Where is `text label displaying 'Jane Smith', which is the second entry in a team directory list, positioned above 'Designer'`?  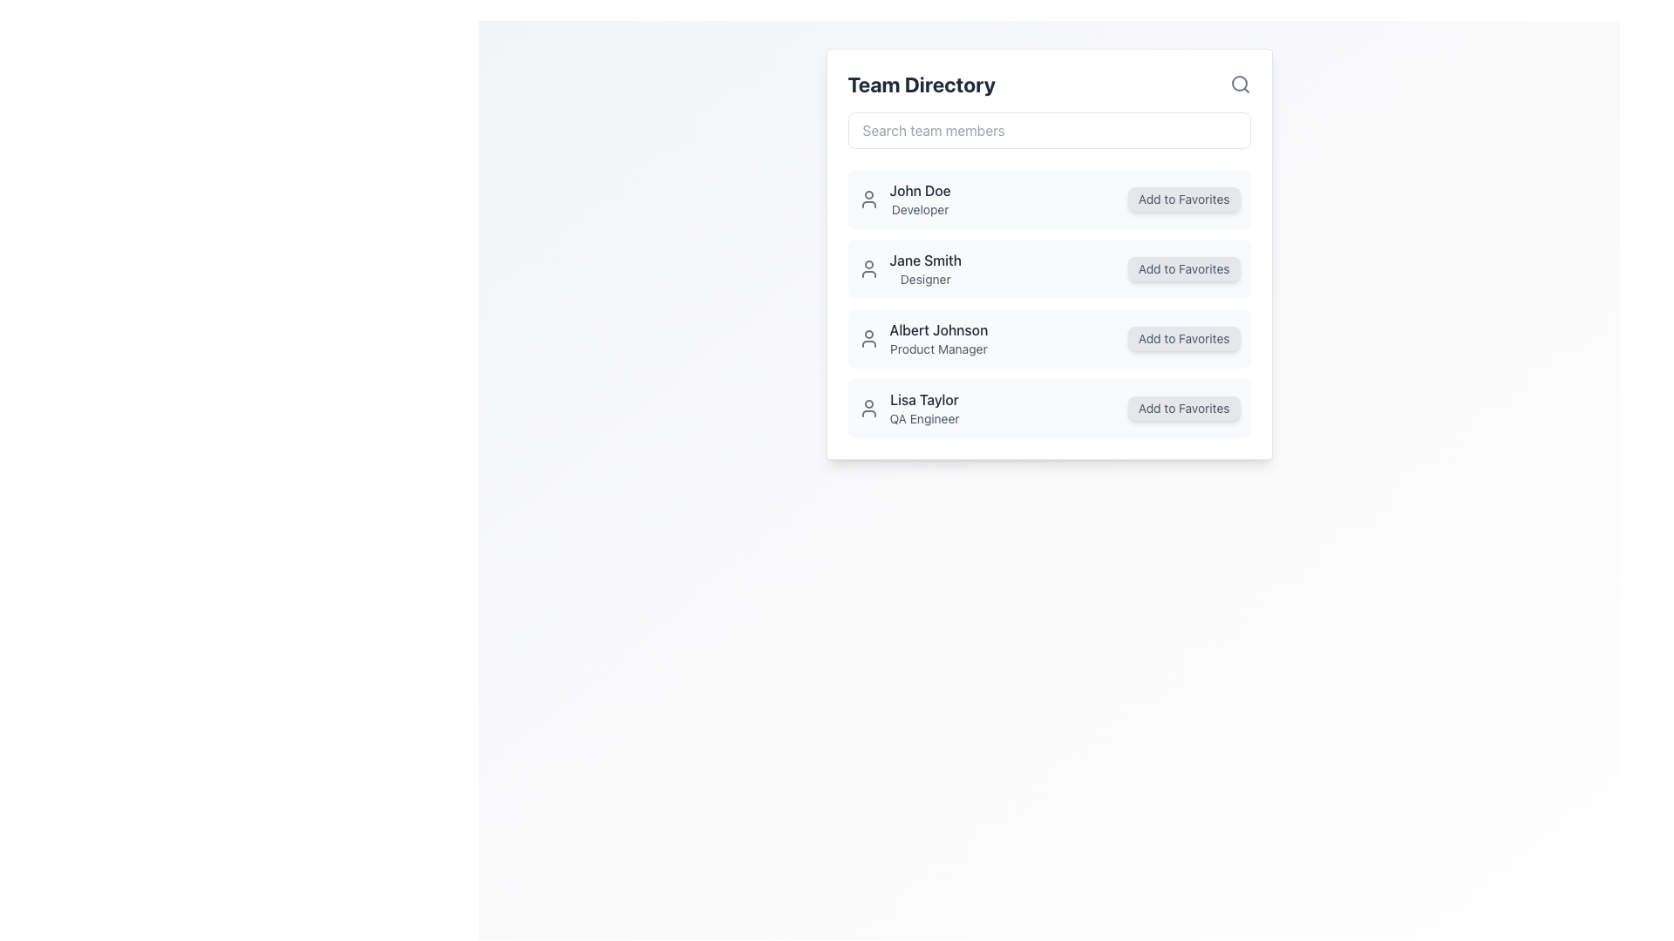
text label displaying 'Jane Smith', which is the second entry in a team directory list, positioned above 'Designer' is located at coordinates (924, 261).